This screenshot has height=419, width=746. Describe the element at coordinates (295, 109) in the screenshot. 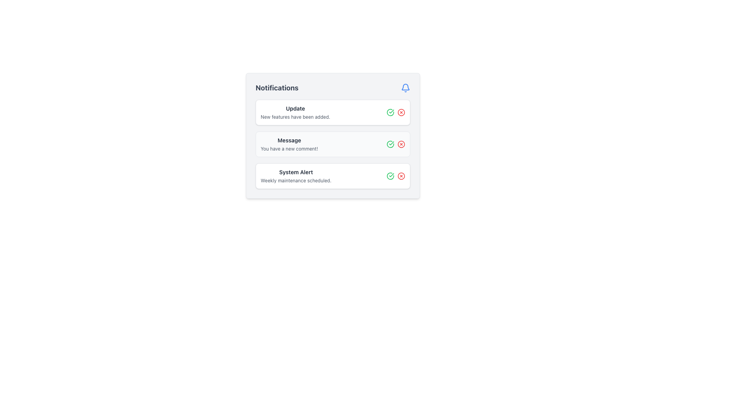

I see `the 'Update' text label, which is styled with a bold font and located at the top of the notification card` at that location.